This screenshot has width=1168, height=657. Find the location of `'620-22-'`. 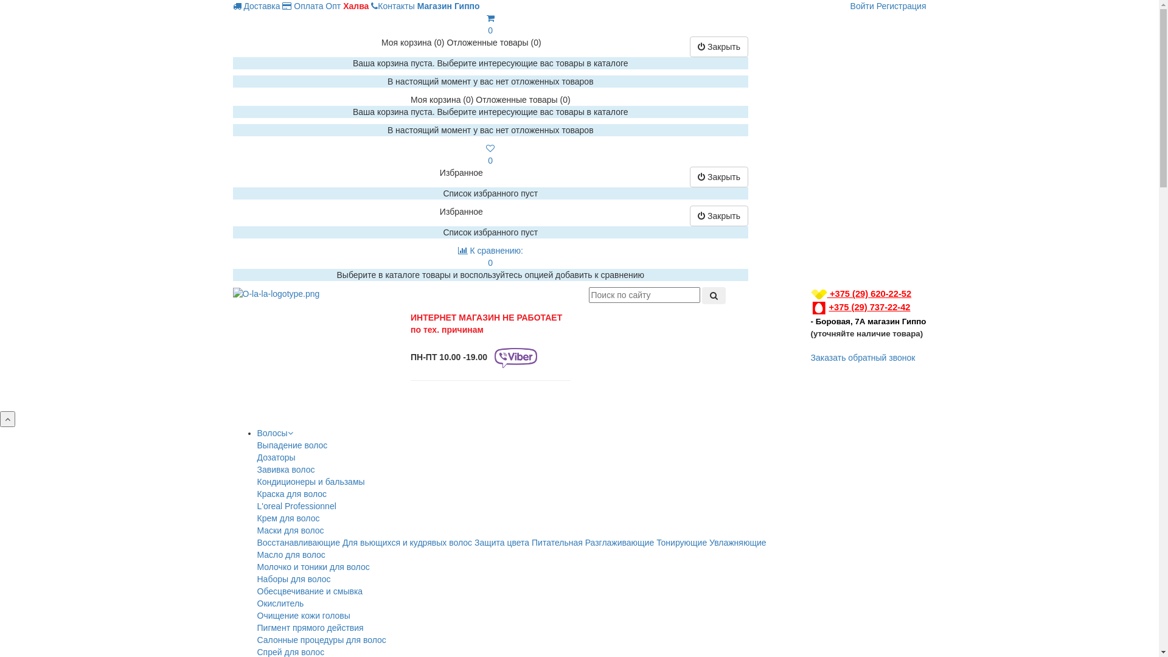

'620-22-' is located at coordinates (886, 293).